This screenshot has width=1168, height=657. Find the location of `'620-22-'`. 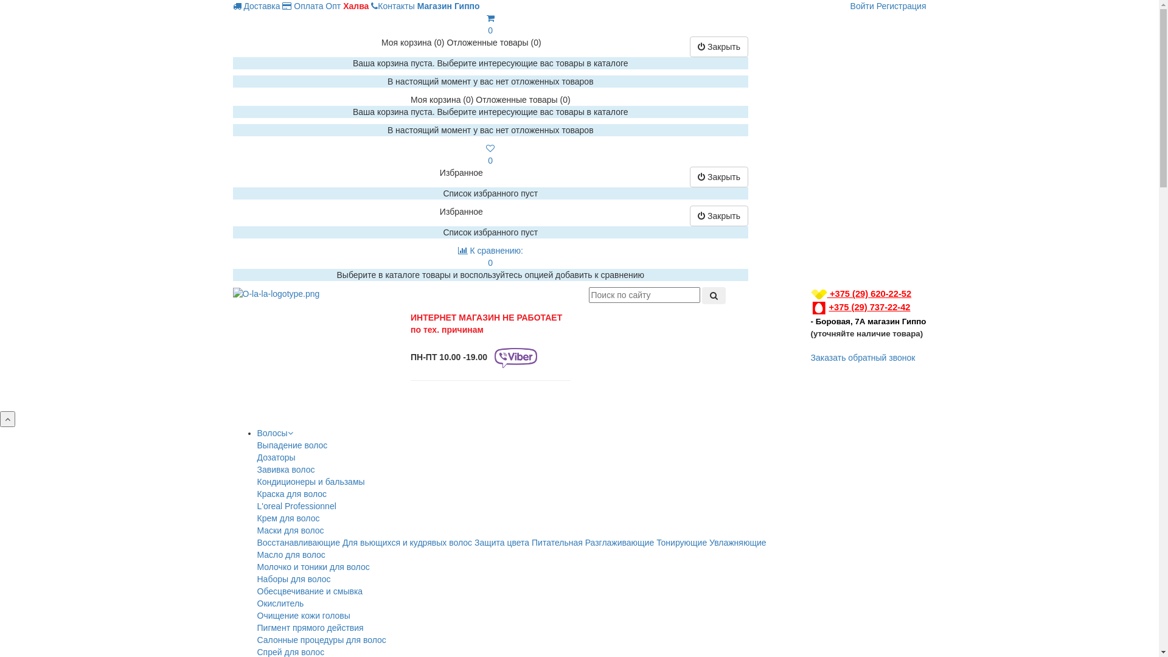

'620-22-' is located at coordinates (886, 293).